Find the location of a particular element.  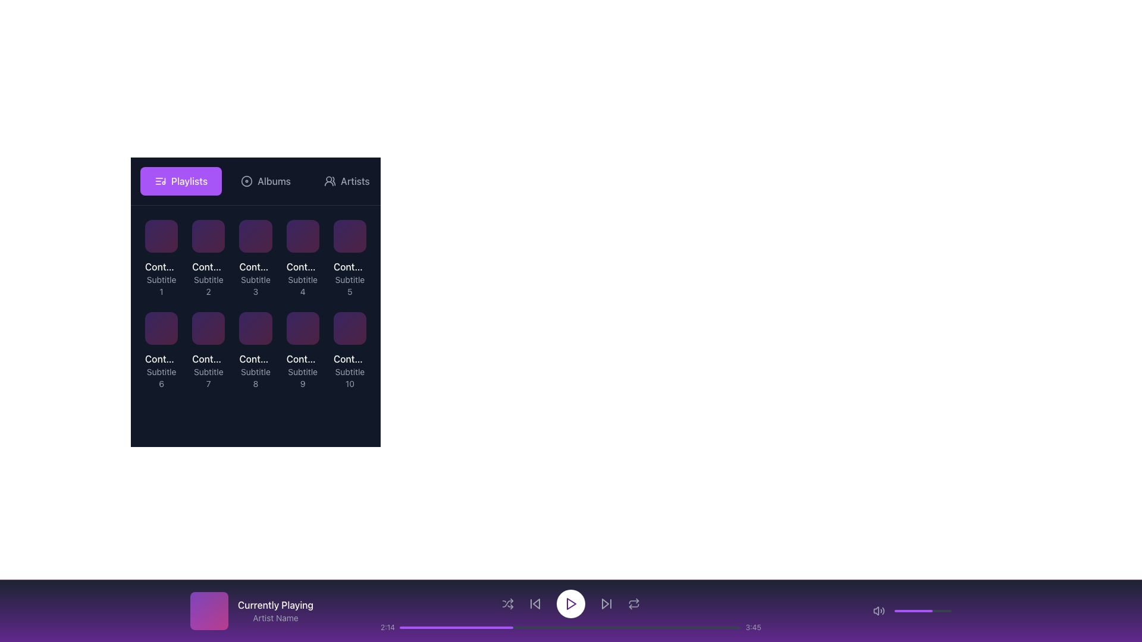

the volume slider is located at coordinates (944, 611).